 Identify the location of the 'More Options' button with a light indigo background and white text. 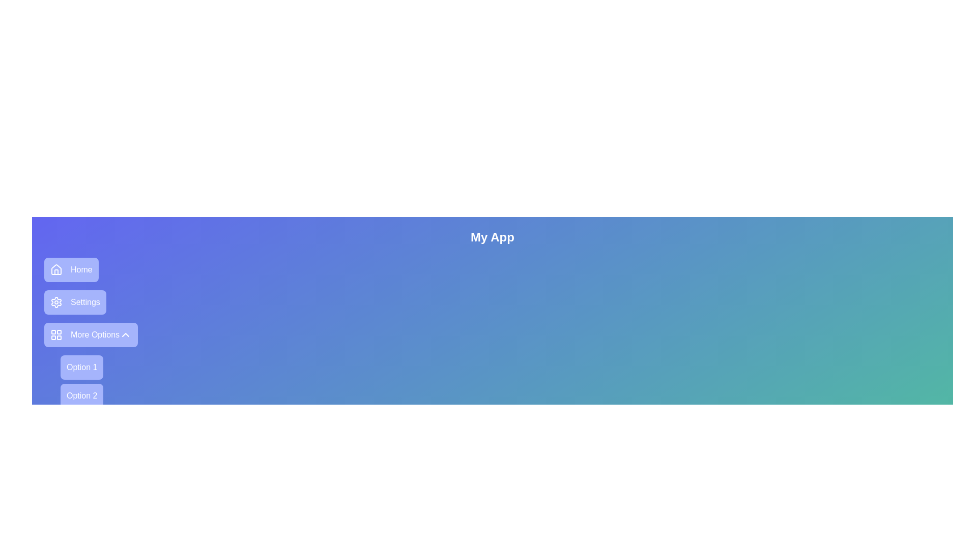
(91, 335).